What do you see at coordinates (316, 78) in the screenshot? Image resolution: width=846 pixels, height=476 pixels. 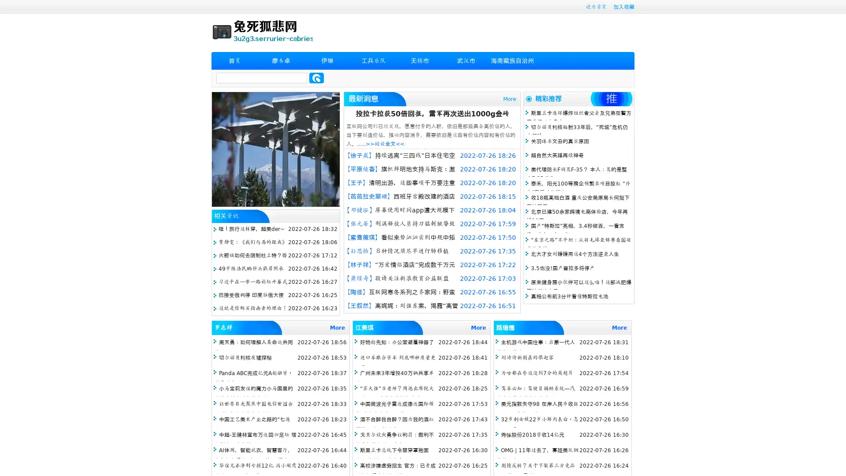 I see `Search` at bounding box center [316, 78].